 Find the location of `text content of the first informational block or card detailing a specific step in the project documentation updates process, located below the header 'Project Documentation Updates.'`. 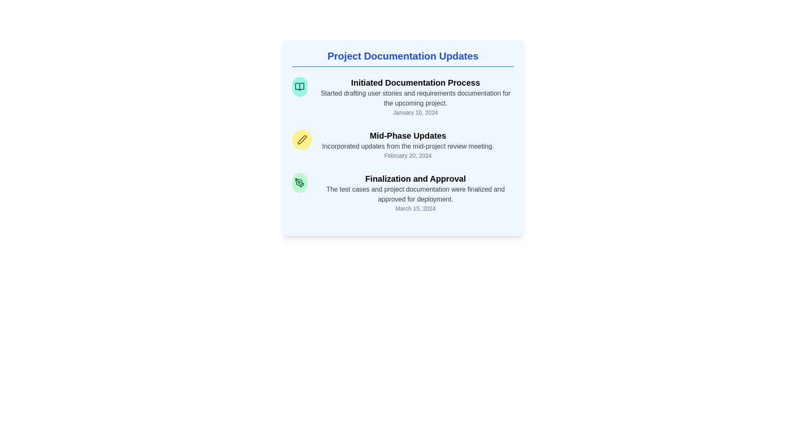

text content of the first informational block or card detailing a specific step in the project documentation updates process, located below the header 'Project Documentation Updates.' is located at coordinates (403, 96).